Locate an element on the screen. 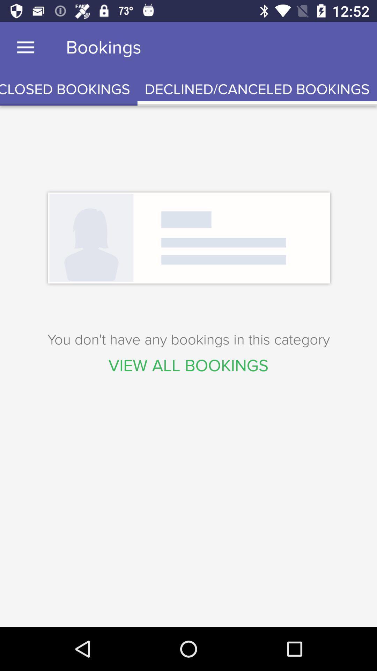 This screenshot has width=377, height=671. icon below you don t item is located at coordinates (188, 365).